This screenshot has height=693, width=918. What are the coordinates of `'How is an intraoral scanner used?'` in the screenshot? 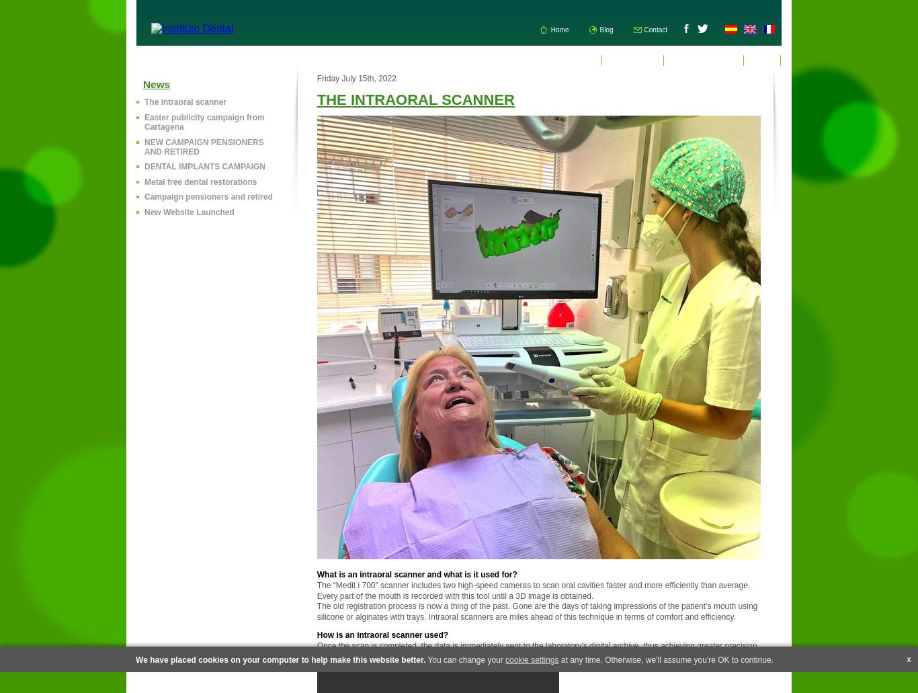 It's located at (382, 635).